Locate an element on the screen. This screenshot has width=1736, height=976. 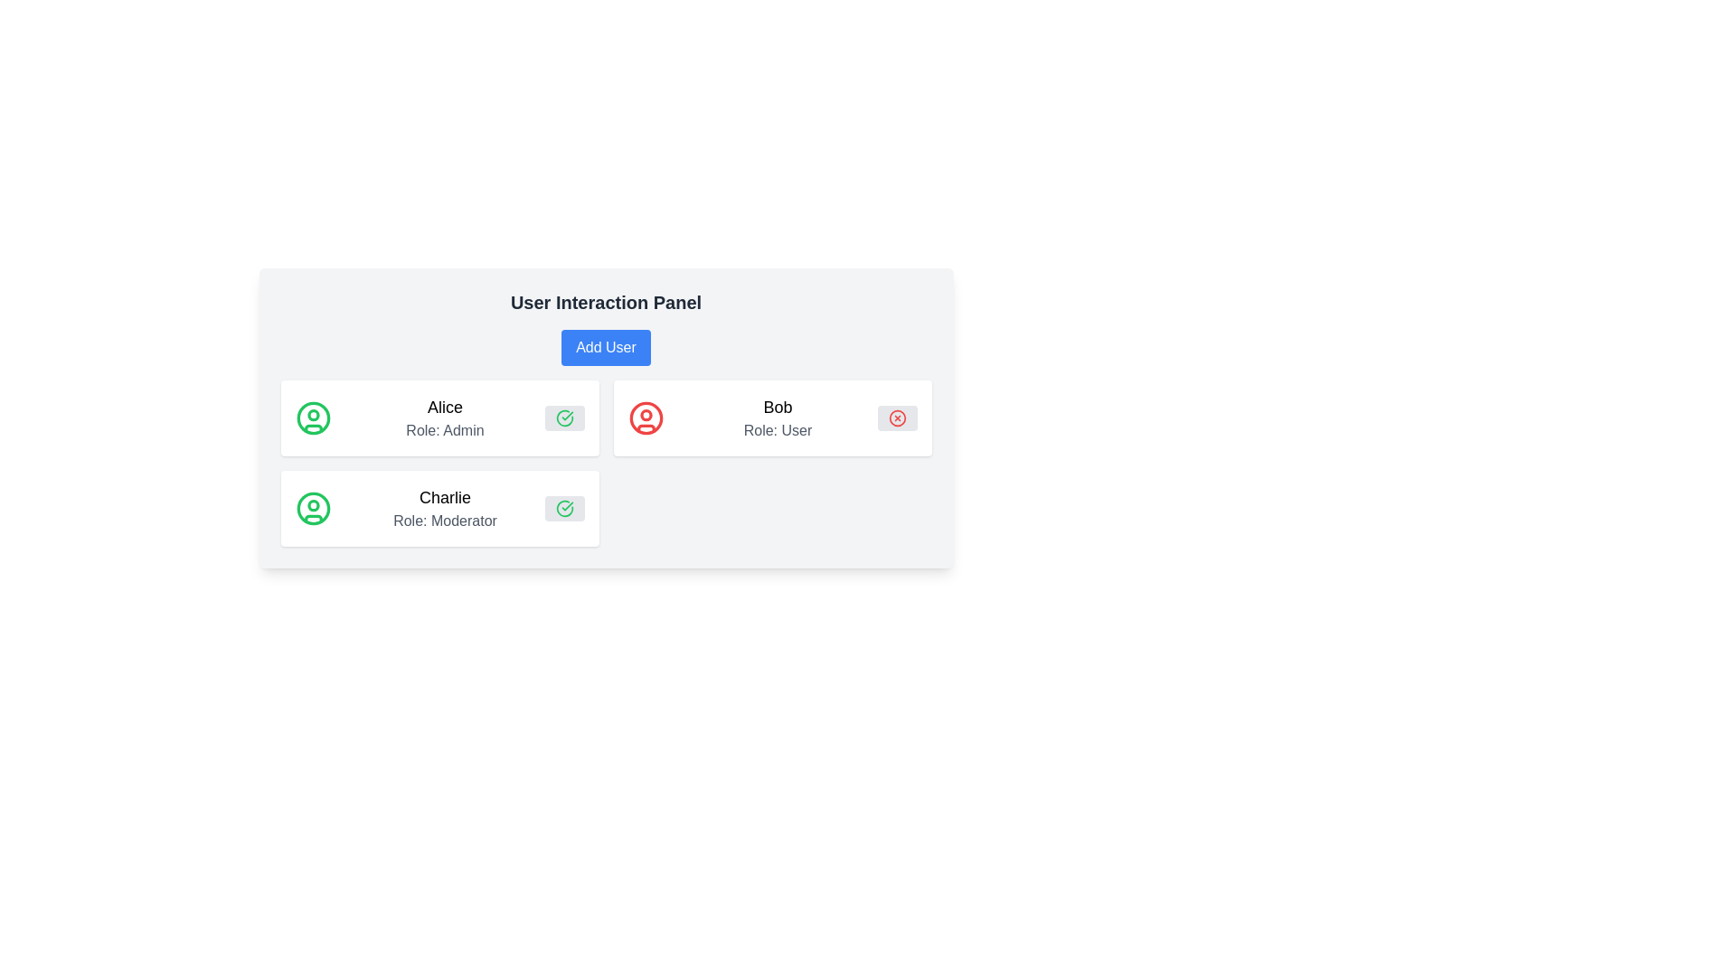
displayed text from the user profile Card component, which is the second item in a vertical list of three cards, positioned next to the card labeled 'Alice' and above the card labeled 'Charlie' is located at coordinates (772, 418).